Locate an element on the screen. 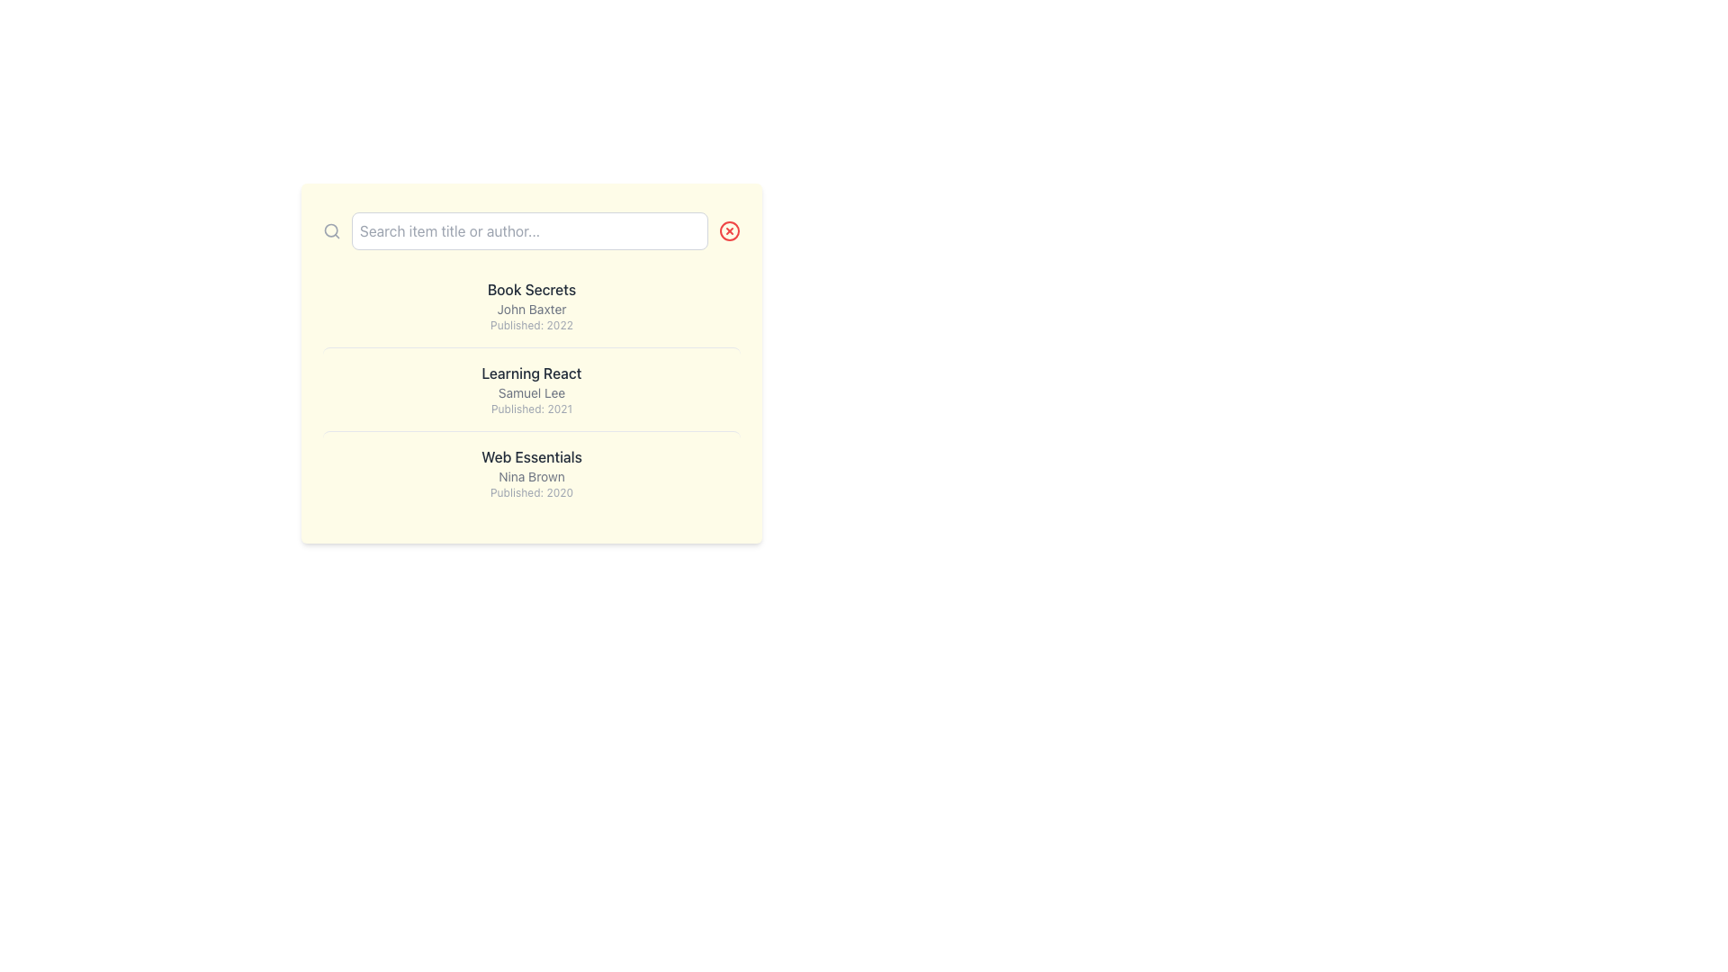  the first list item displaying the book summary for 'Book Secrets' by John Baxter for a detailed view is located at coordinates (530, 304).